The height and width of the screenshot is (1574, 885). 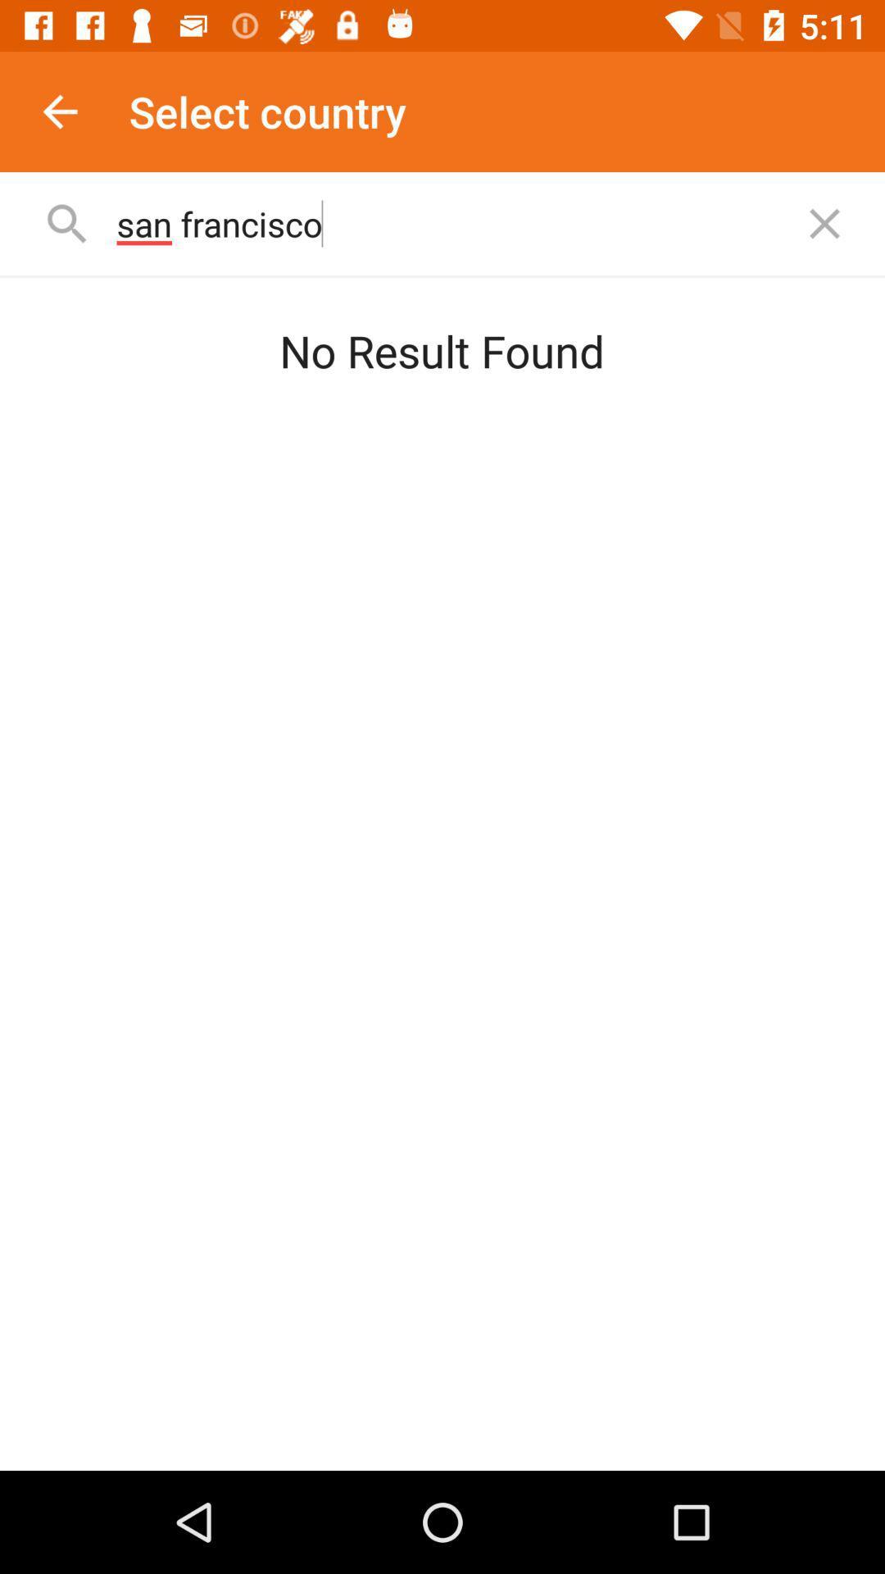 What do you see at coordinates (824, 223) in the screenshot?
I see `icon to the right of the san francisco` at bounding box center [824, 223].